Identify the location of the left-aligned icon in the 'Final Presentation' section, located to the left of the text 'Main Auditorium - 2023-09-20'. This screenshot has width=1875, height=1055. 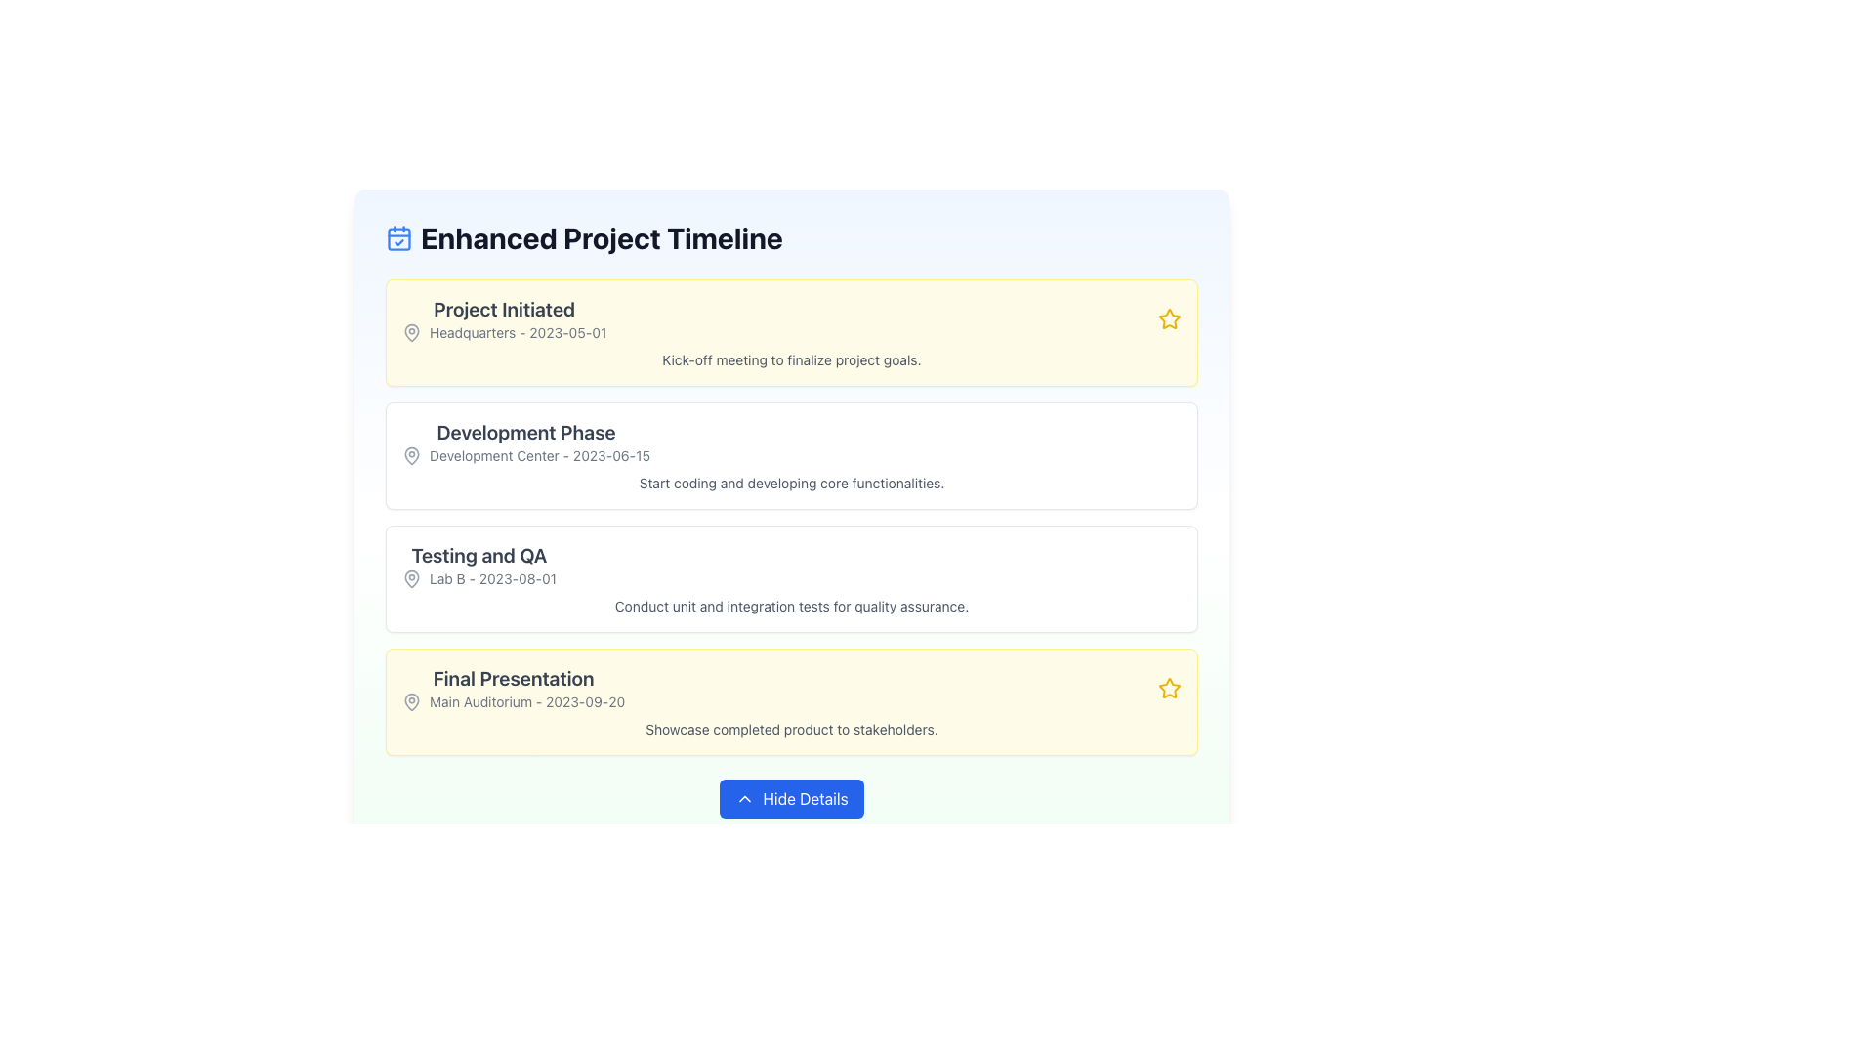
(411, 700).